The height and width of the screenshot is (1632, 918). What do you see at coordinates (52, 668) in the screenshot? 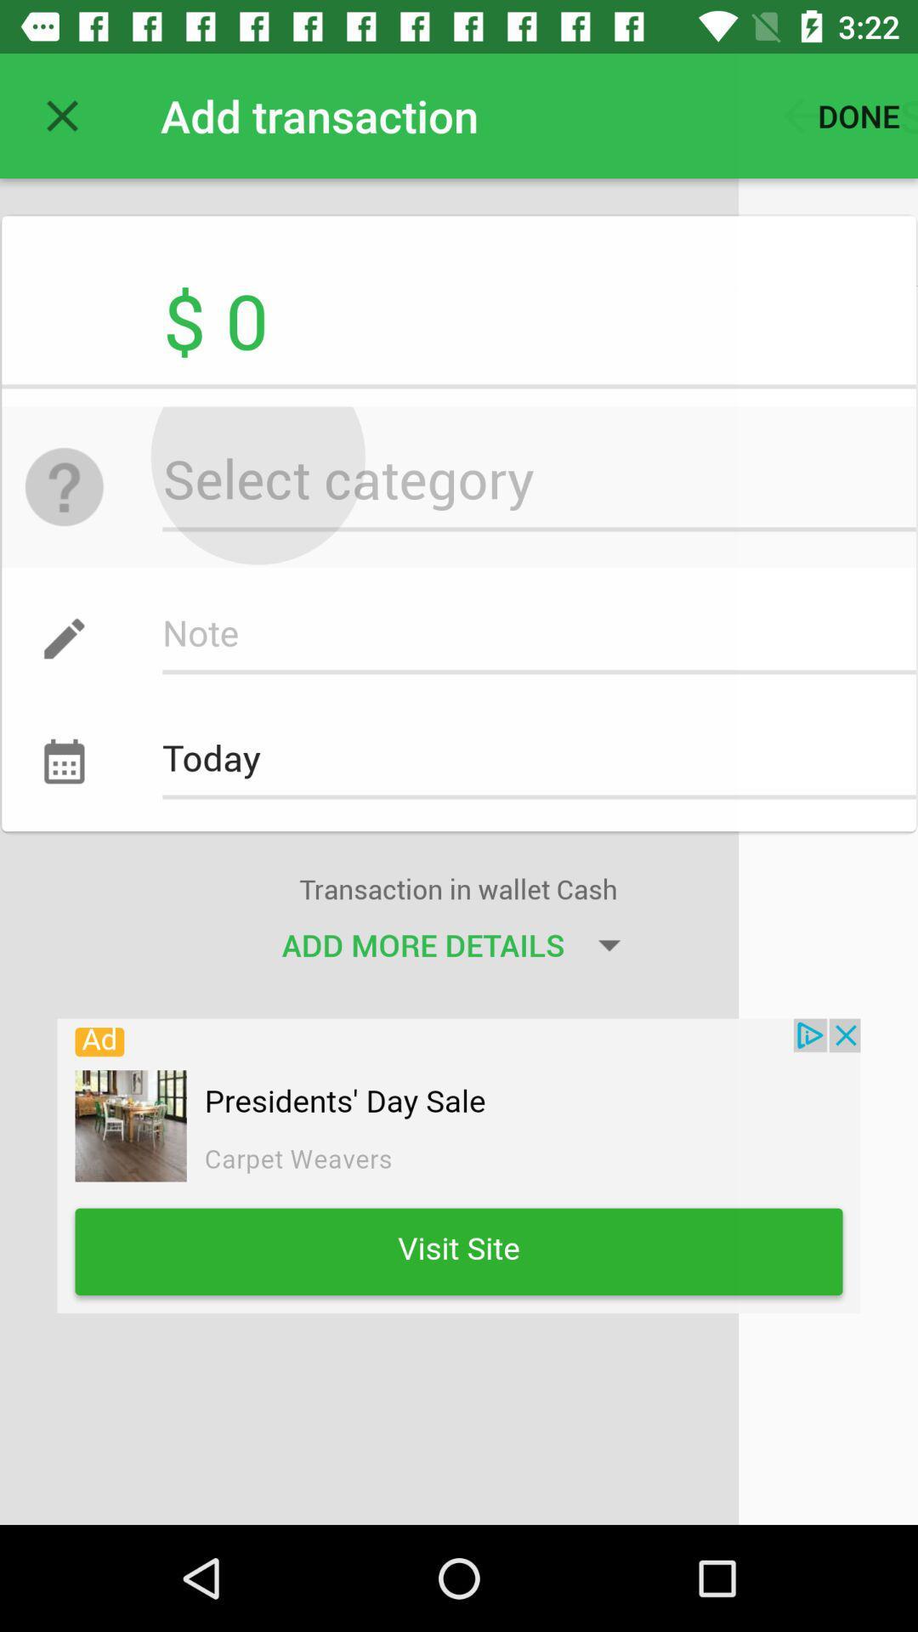
I see `the edit icon above the today icon` at bounding box center [52, 668].